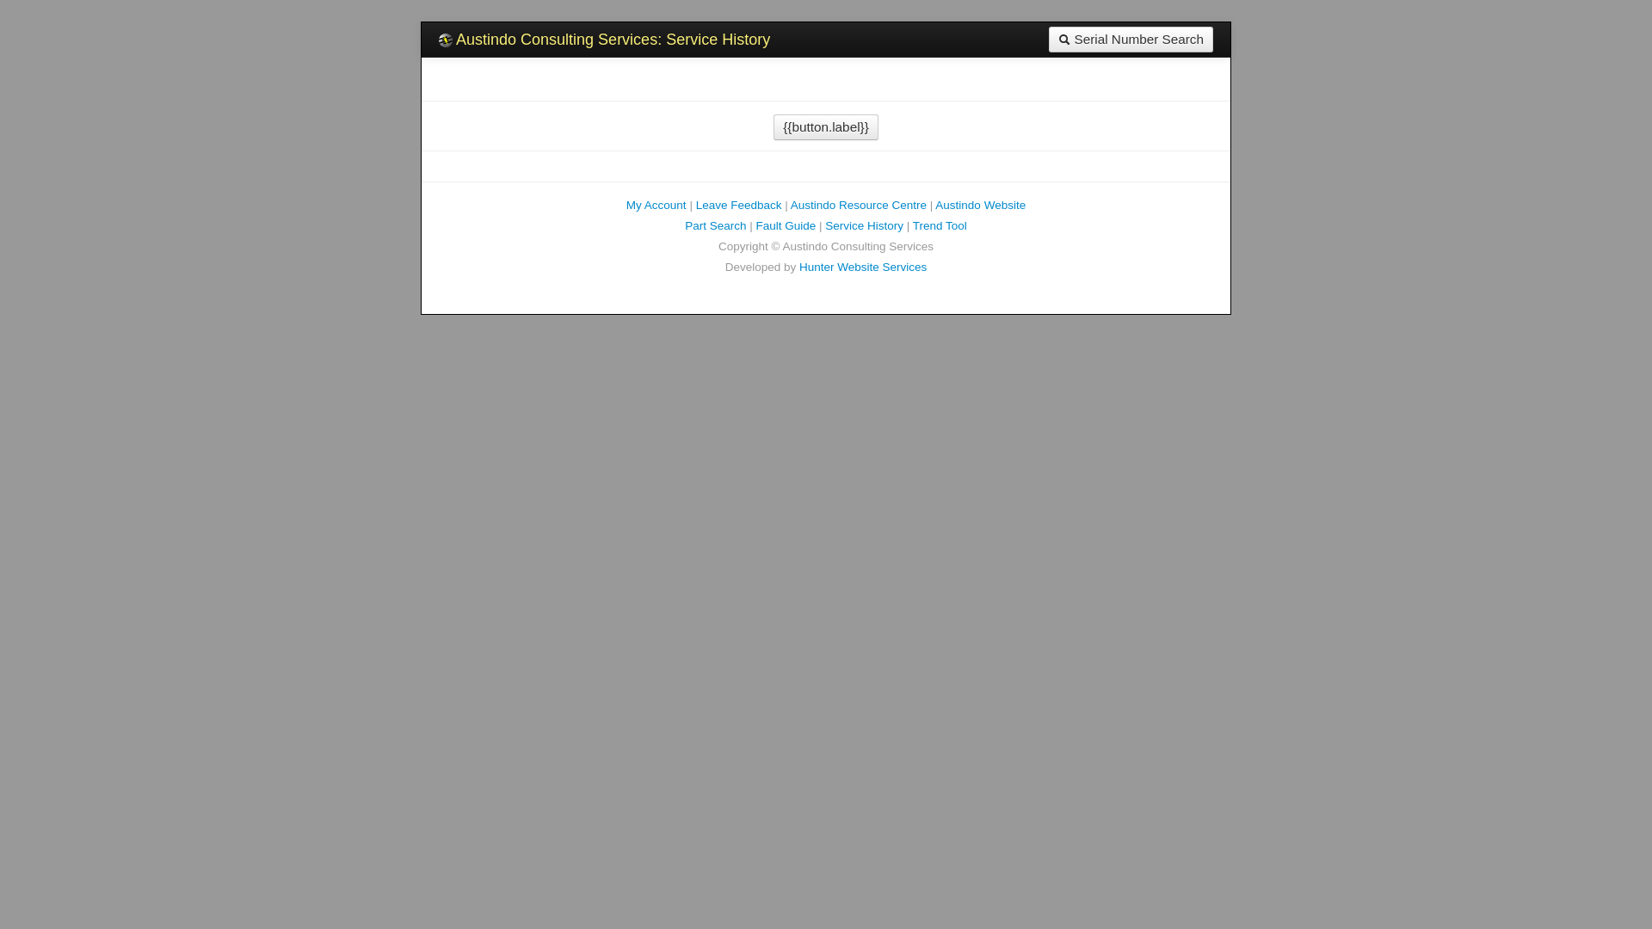 The height and width of the screenshot is (929, 1652). What do you see at coordinates (784, 225) in the screenshot?
I see `'Fault Guide'` at bounding box center [784, 225].